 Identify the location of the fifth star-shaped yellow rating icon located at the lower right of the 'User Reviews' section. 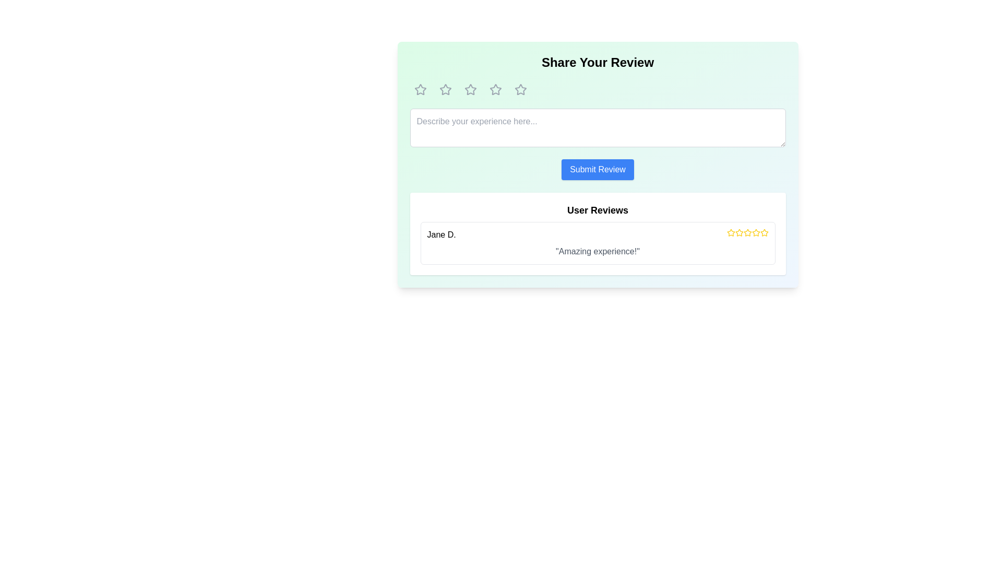
(764, 232).